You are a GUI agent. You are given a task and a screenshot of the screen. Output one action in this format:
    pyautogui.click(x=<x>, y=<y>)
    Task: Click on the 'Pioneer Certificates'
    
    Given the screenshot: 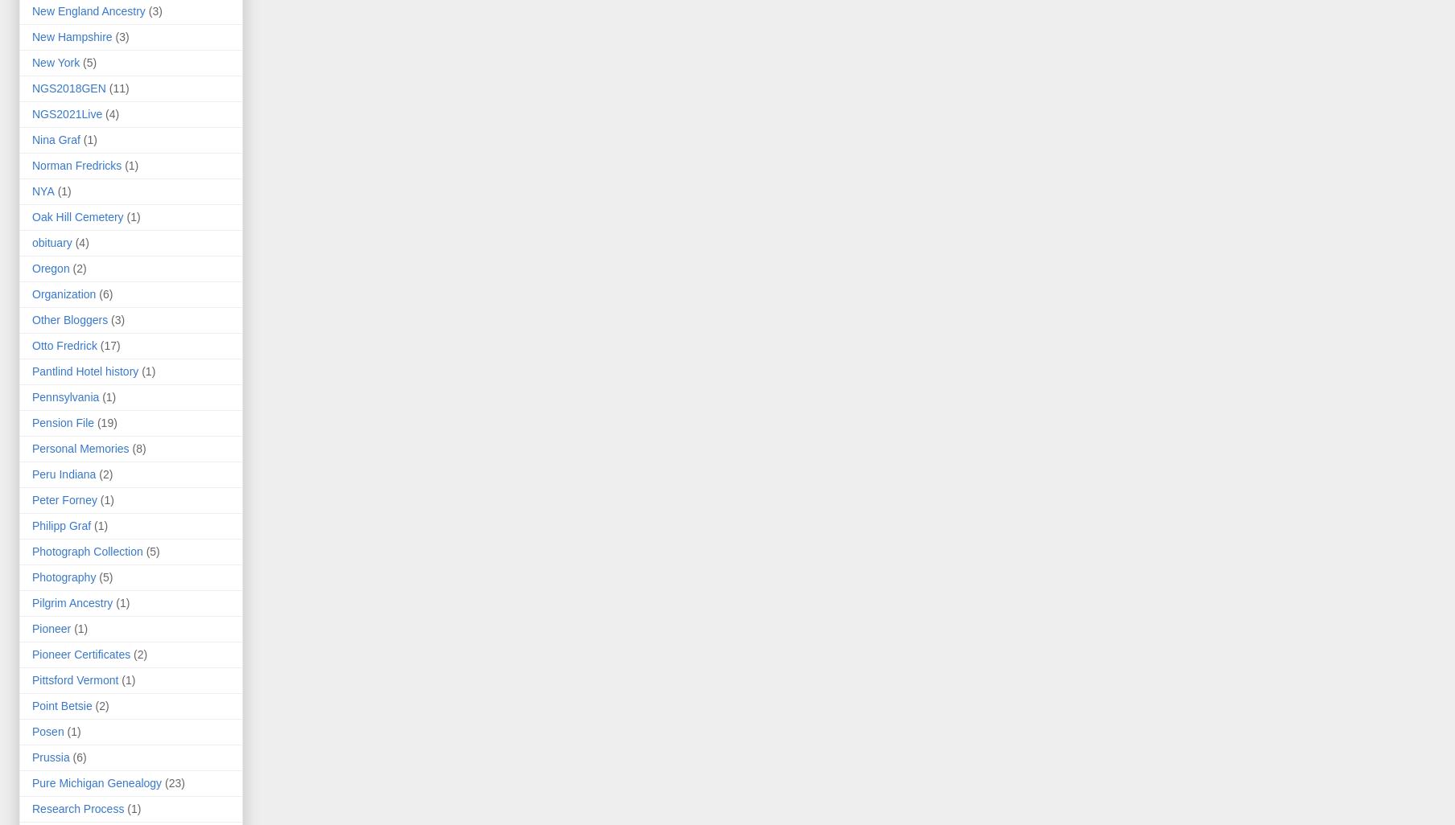 What is the action you would take?
    pyautogui.click(x=80, y=654)
    